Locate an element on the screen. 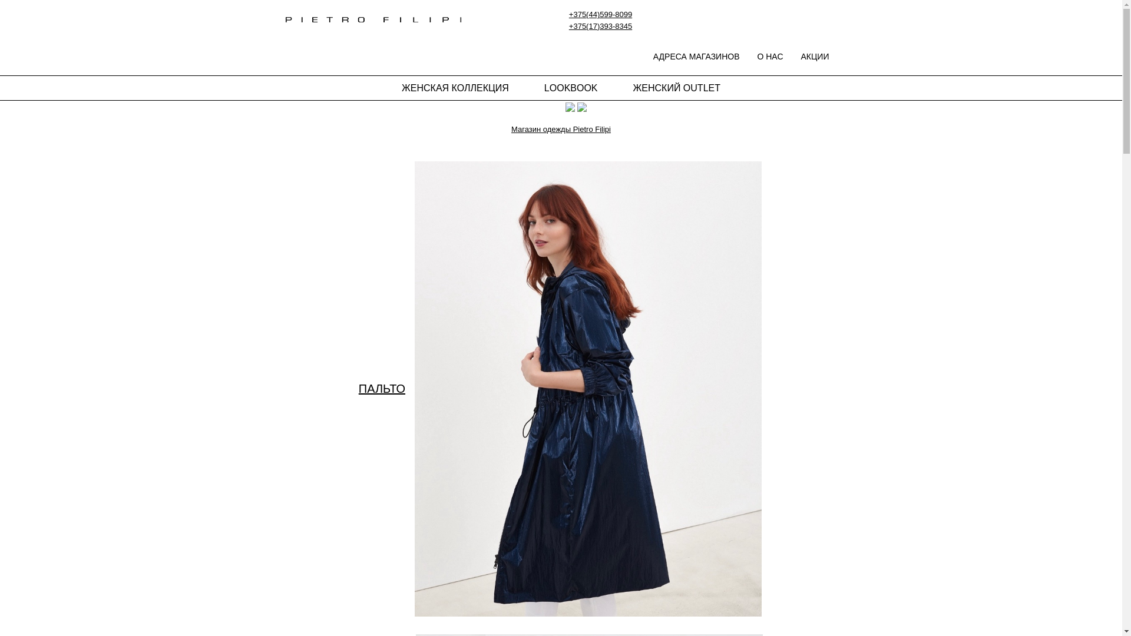  'LOOKBOOK' is located at coordinates (571, 87).